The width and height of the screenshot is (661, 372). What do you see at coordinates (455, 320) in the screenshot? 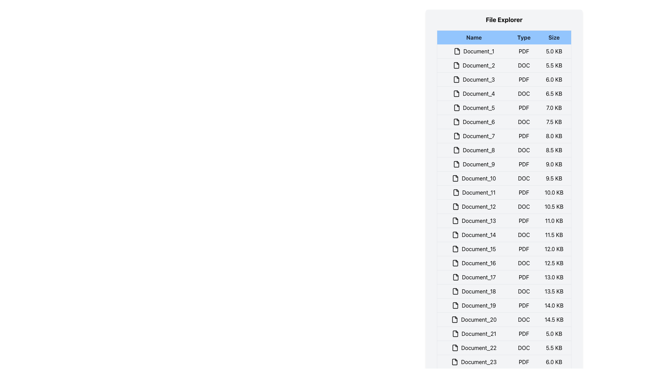
I see `the simplified document icon located to the left of the text label 'Document_20' in the file explorer interface` at bounding box center [455, 320].